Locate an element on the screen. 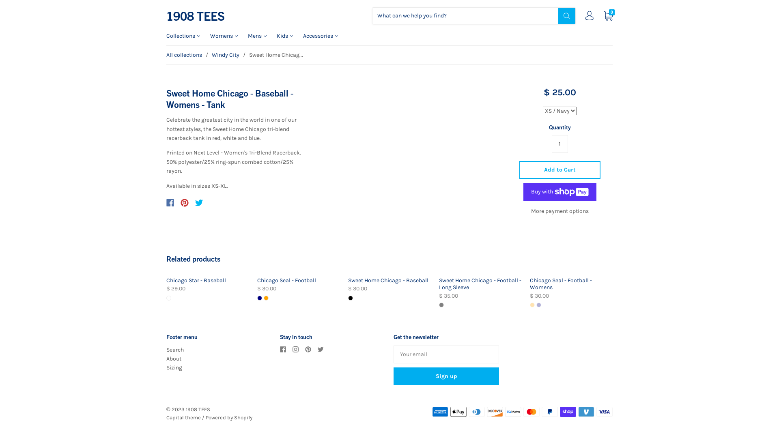 The image size is (779, 438). '1908 TEES' is located at coordinates (198, 409).